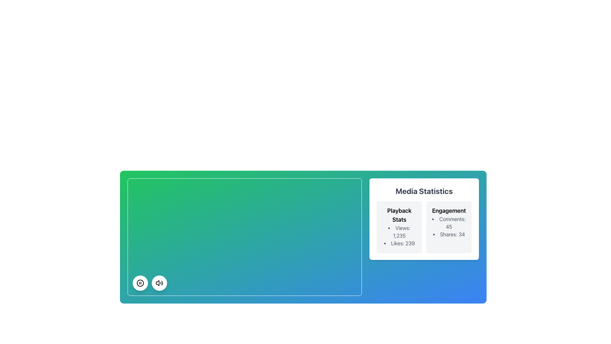 This screenshot has height=344, width=611. What do you see at coordinates (140, 283) in the screenshot?
I see `the control button located at the bottom-left corner of the panel` at bounding box center [140, 283].